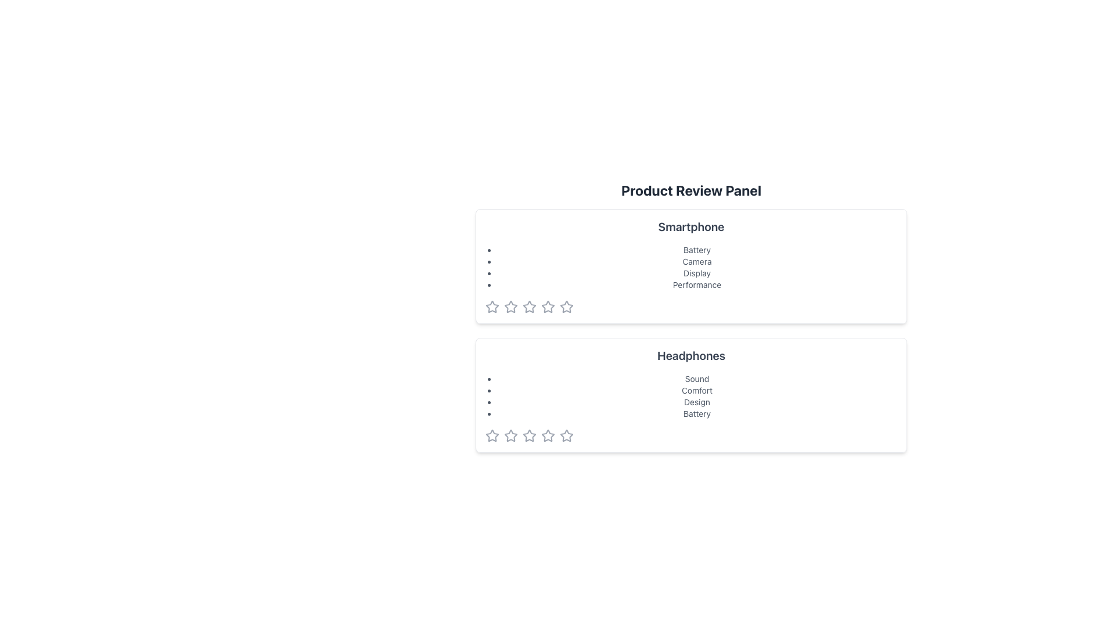 Image resolution: width=1115 pixels, height=627 pixels. I want to click on the text element displaying 'Headphones', which is prominently styled in a large, bold font and positioned as a title within its section, so click(691, 355).